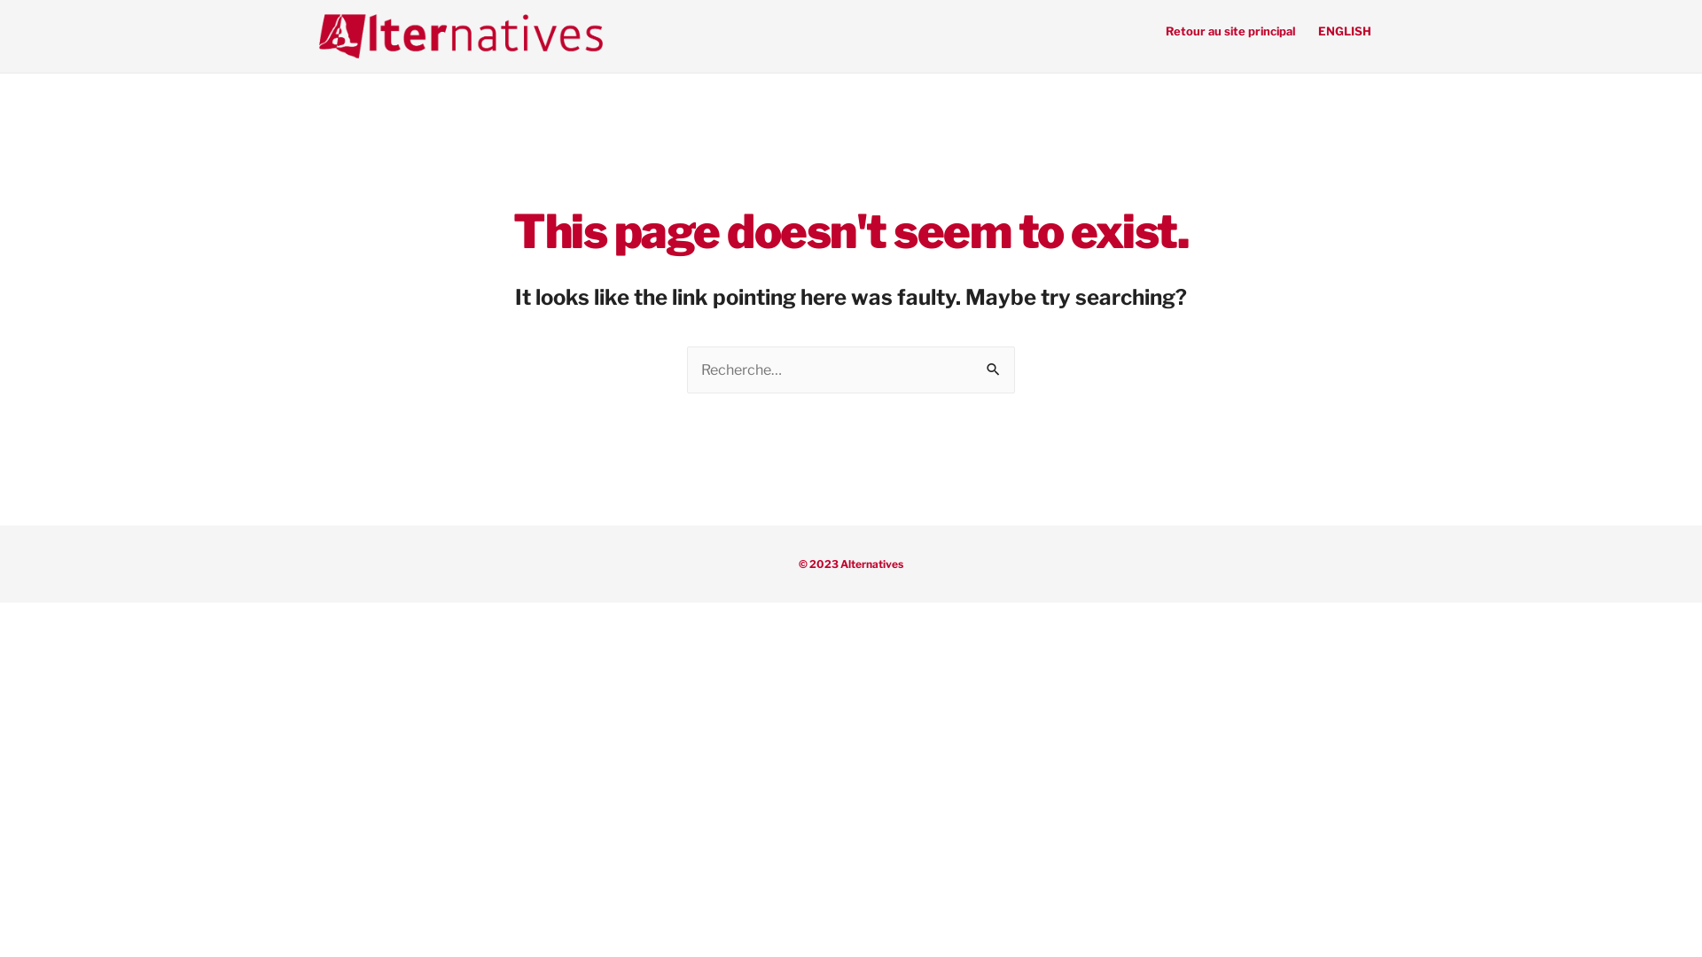 The width and height of the screenshot is (1702, 957). Describe the element at coordinates (1229, 30) in the screenshot. I see `'Retour au site principal'` at that location.